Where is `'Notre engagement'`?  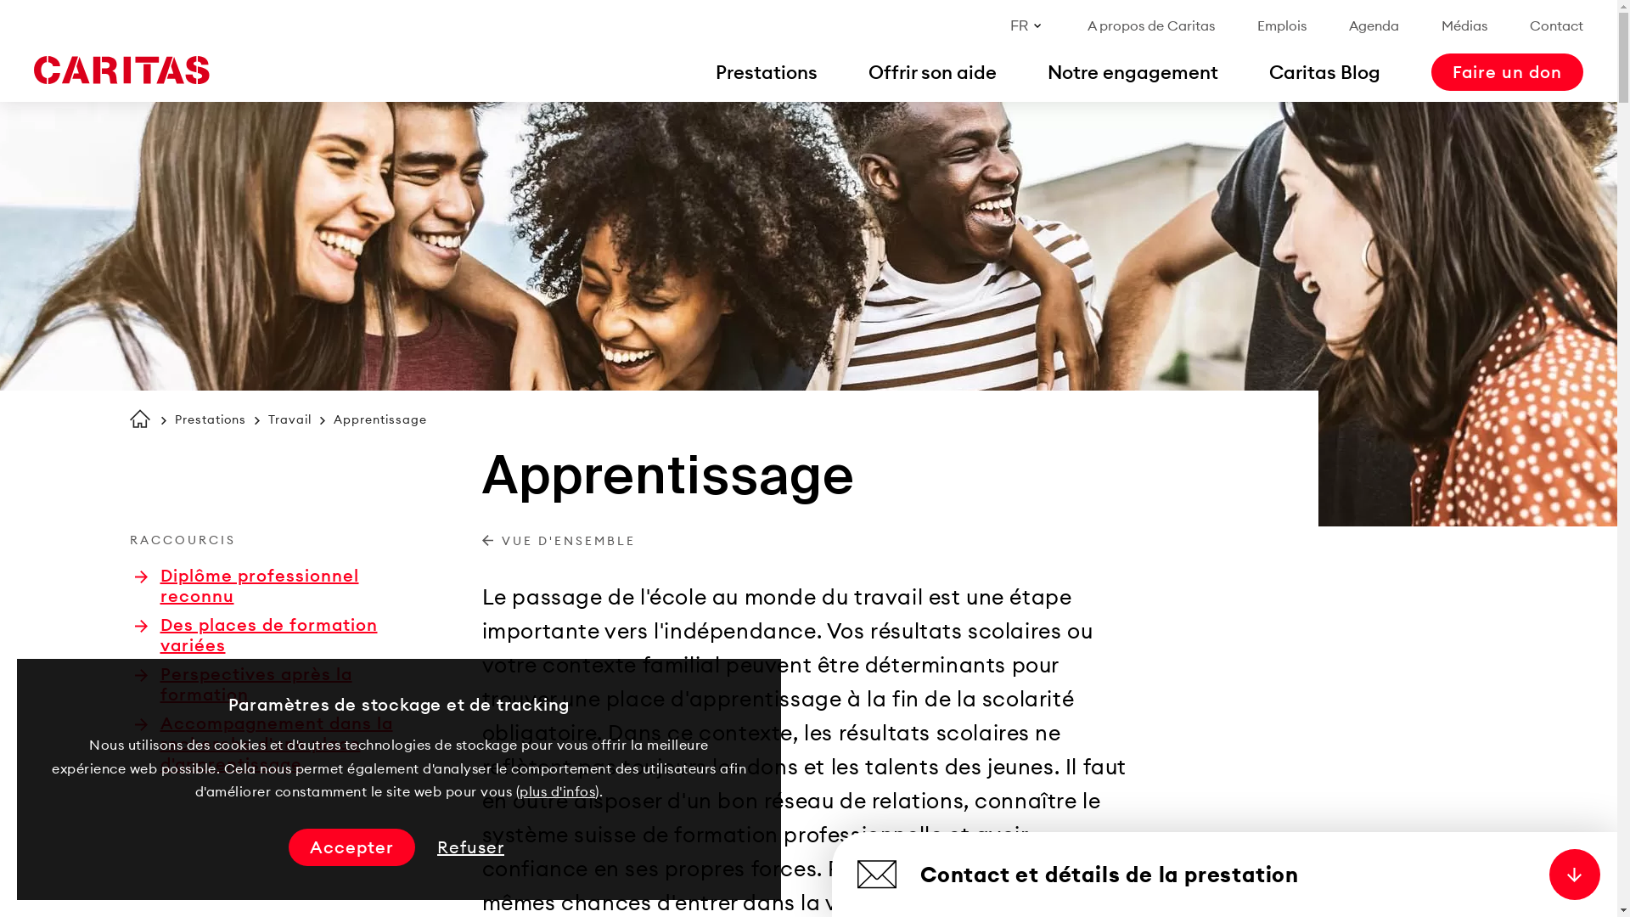 'Notre engagement' is located at coordinates (1133, 70).